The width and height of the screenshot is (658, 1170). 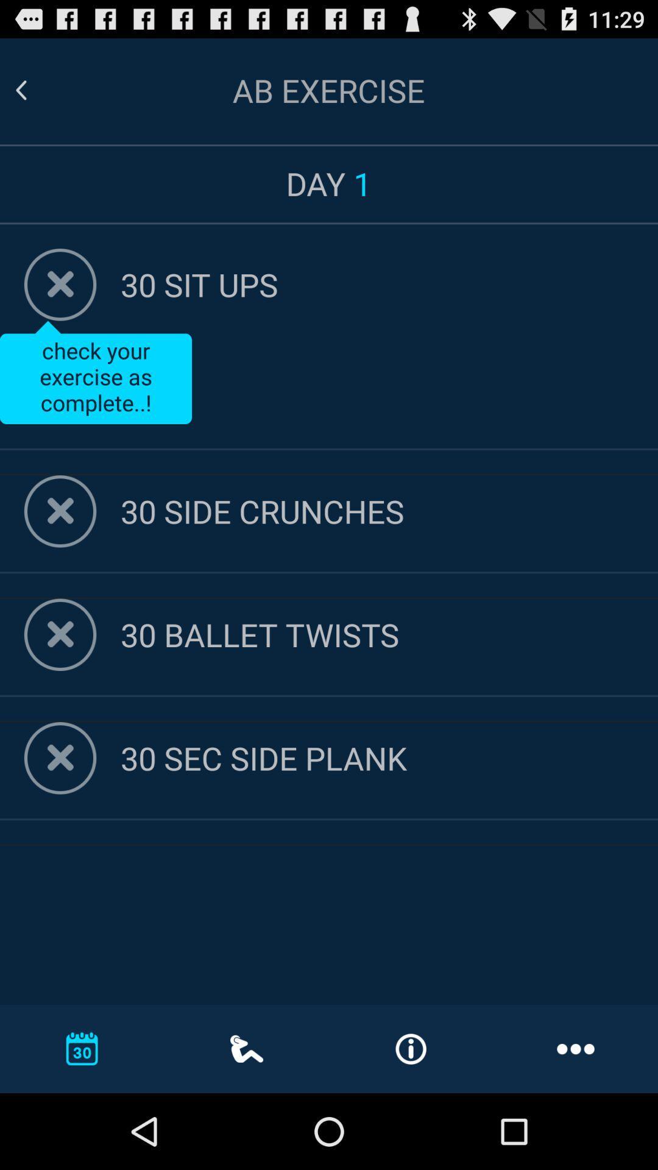 What do you see at coordinates (389, 634) in the screenshot?
I see `30 ballet twists app` at bounding box center [389, 634].